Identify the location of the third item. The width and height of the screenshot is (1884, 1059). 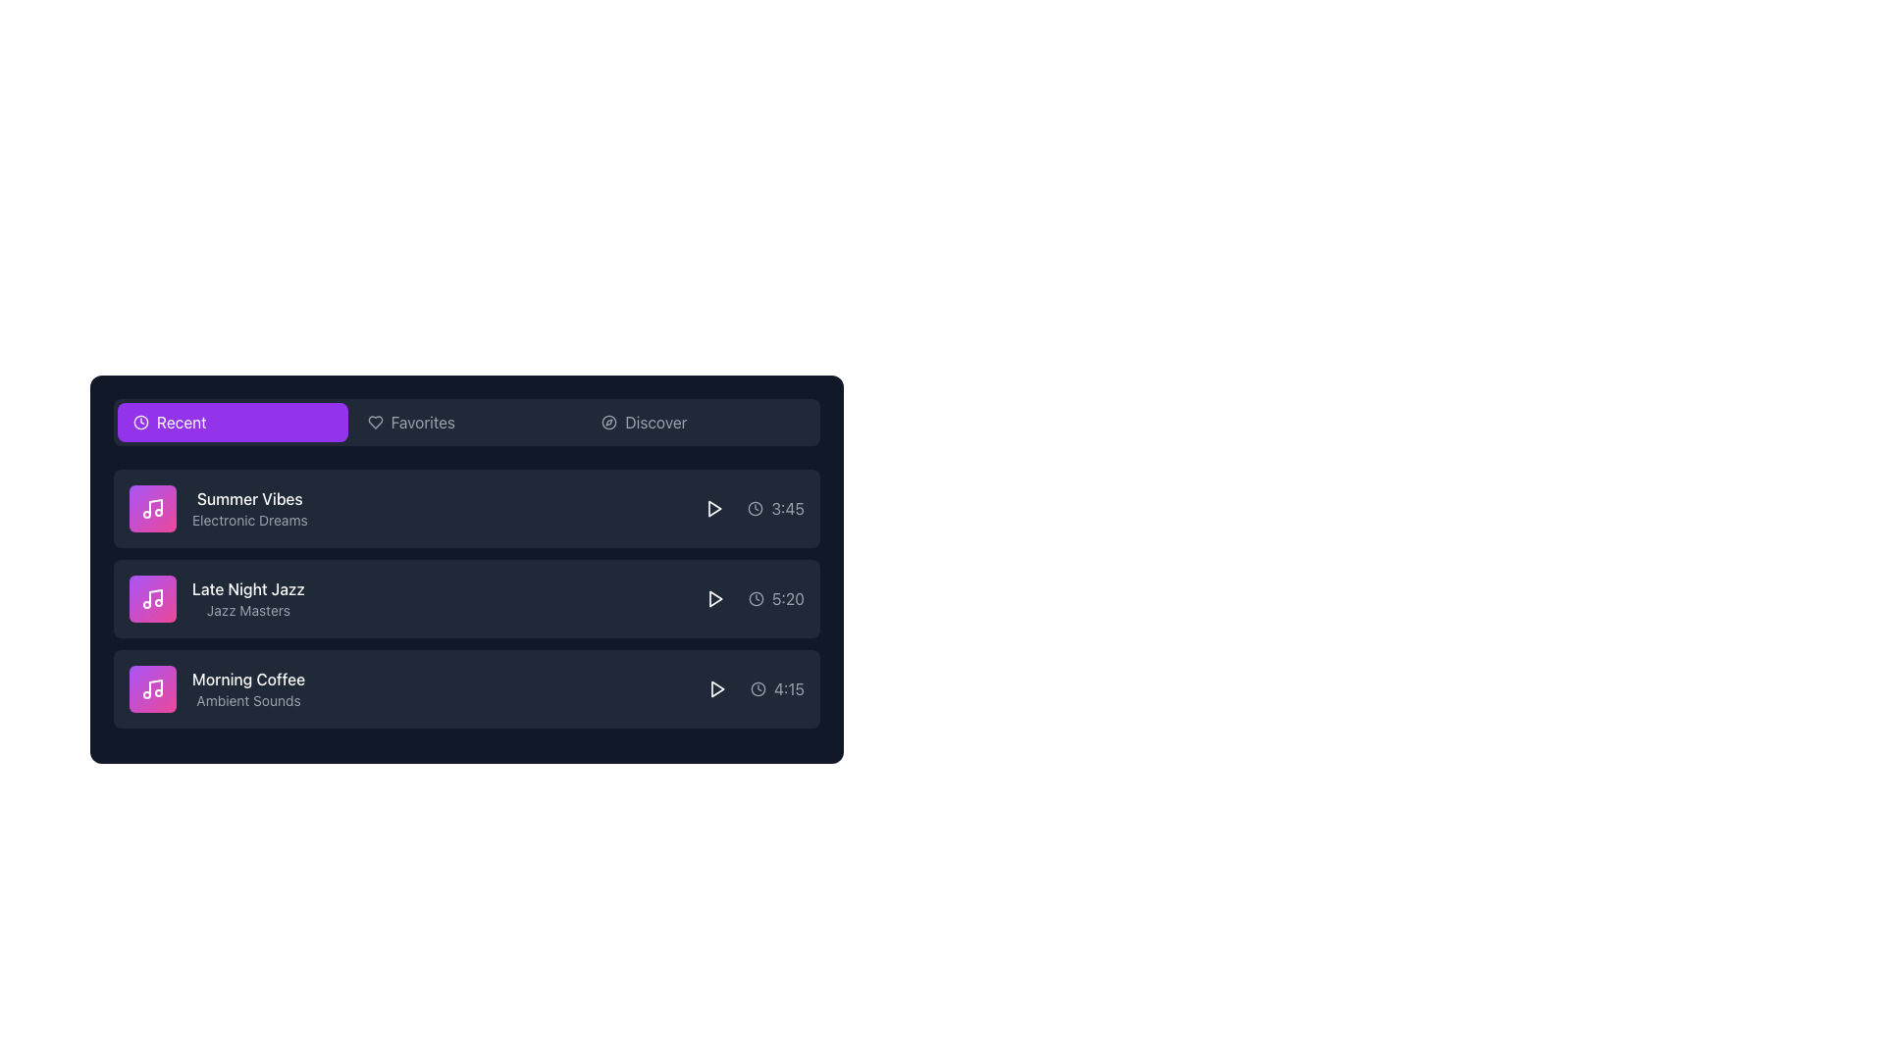
(247, 687).